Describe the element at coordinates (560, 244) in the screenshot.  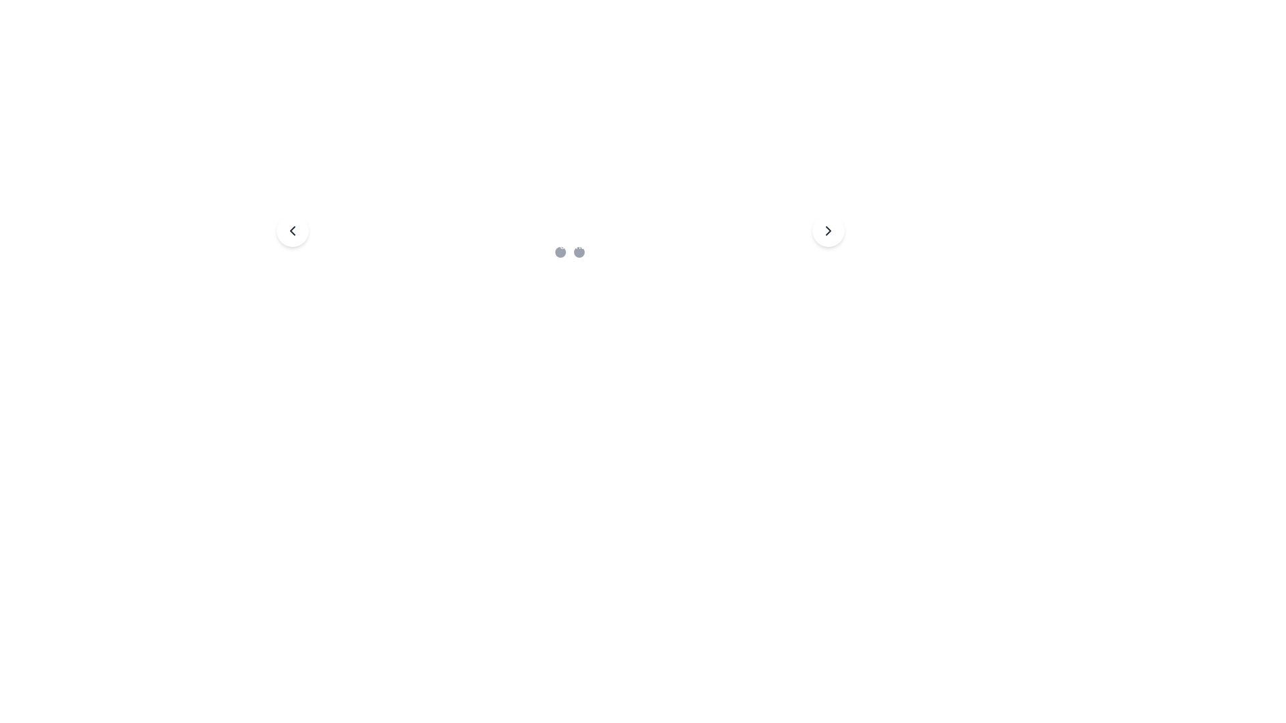
I see `the middle circular navigation indicator` at that location.